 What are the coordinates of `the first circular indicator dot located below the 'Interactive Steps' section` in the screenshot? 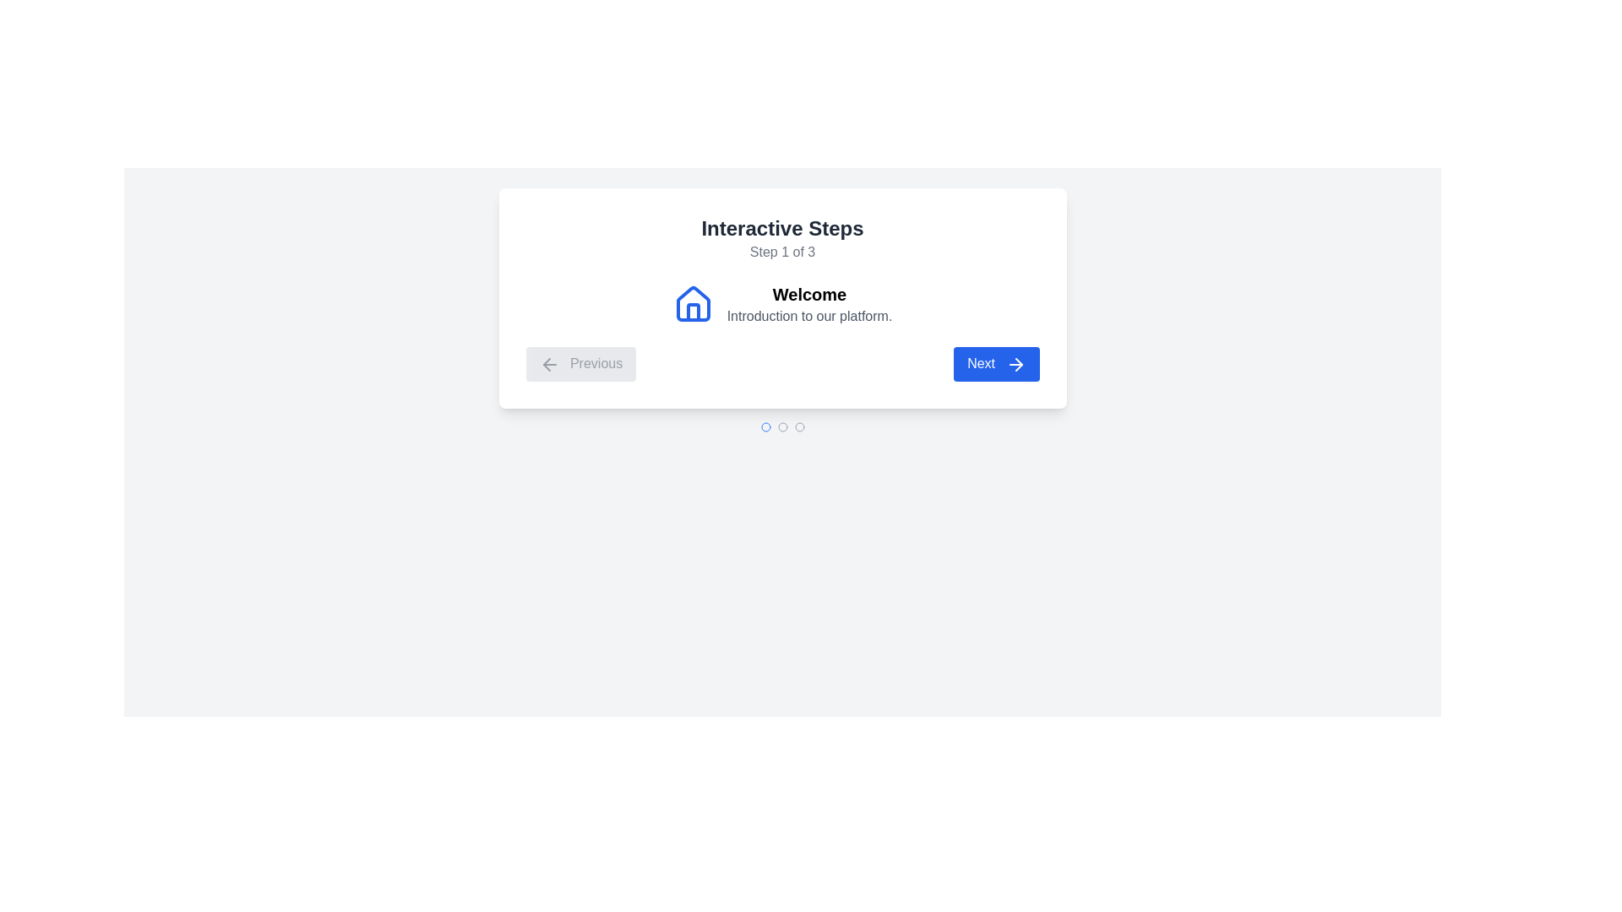 It's located at (765, 426).